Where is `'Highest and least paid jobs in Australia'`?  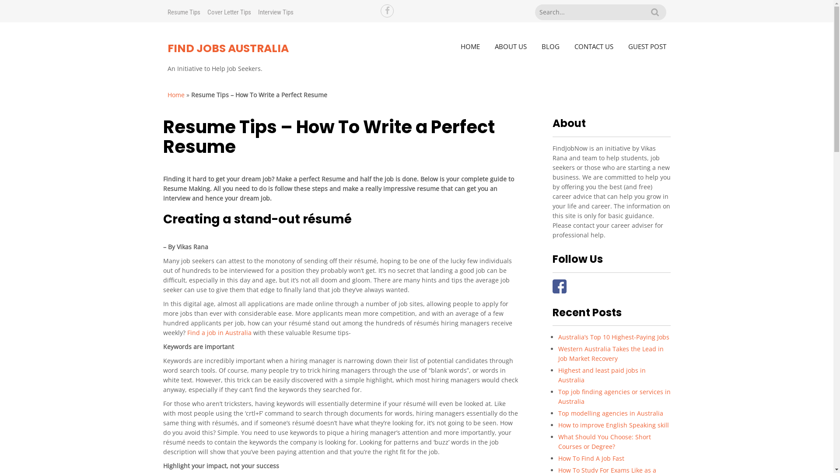 'Highest and least paid jobs in Australia' is located at coordinates (602, 374).